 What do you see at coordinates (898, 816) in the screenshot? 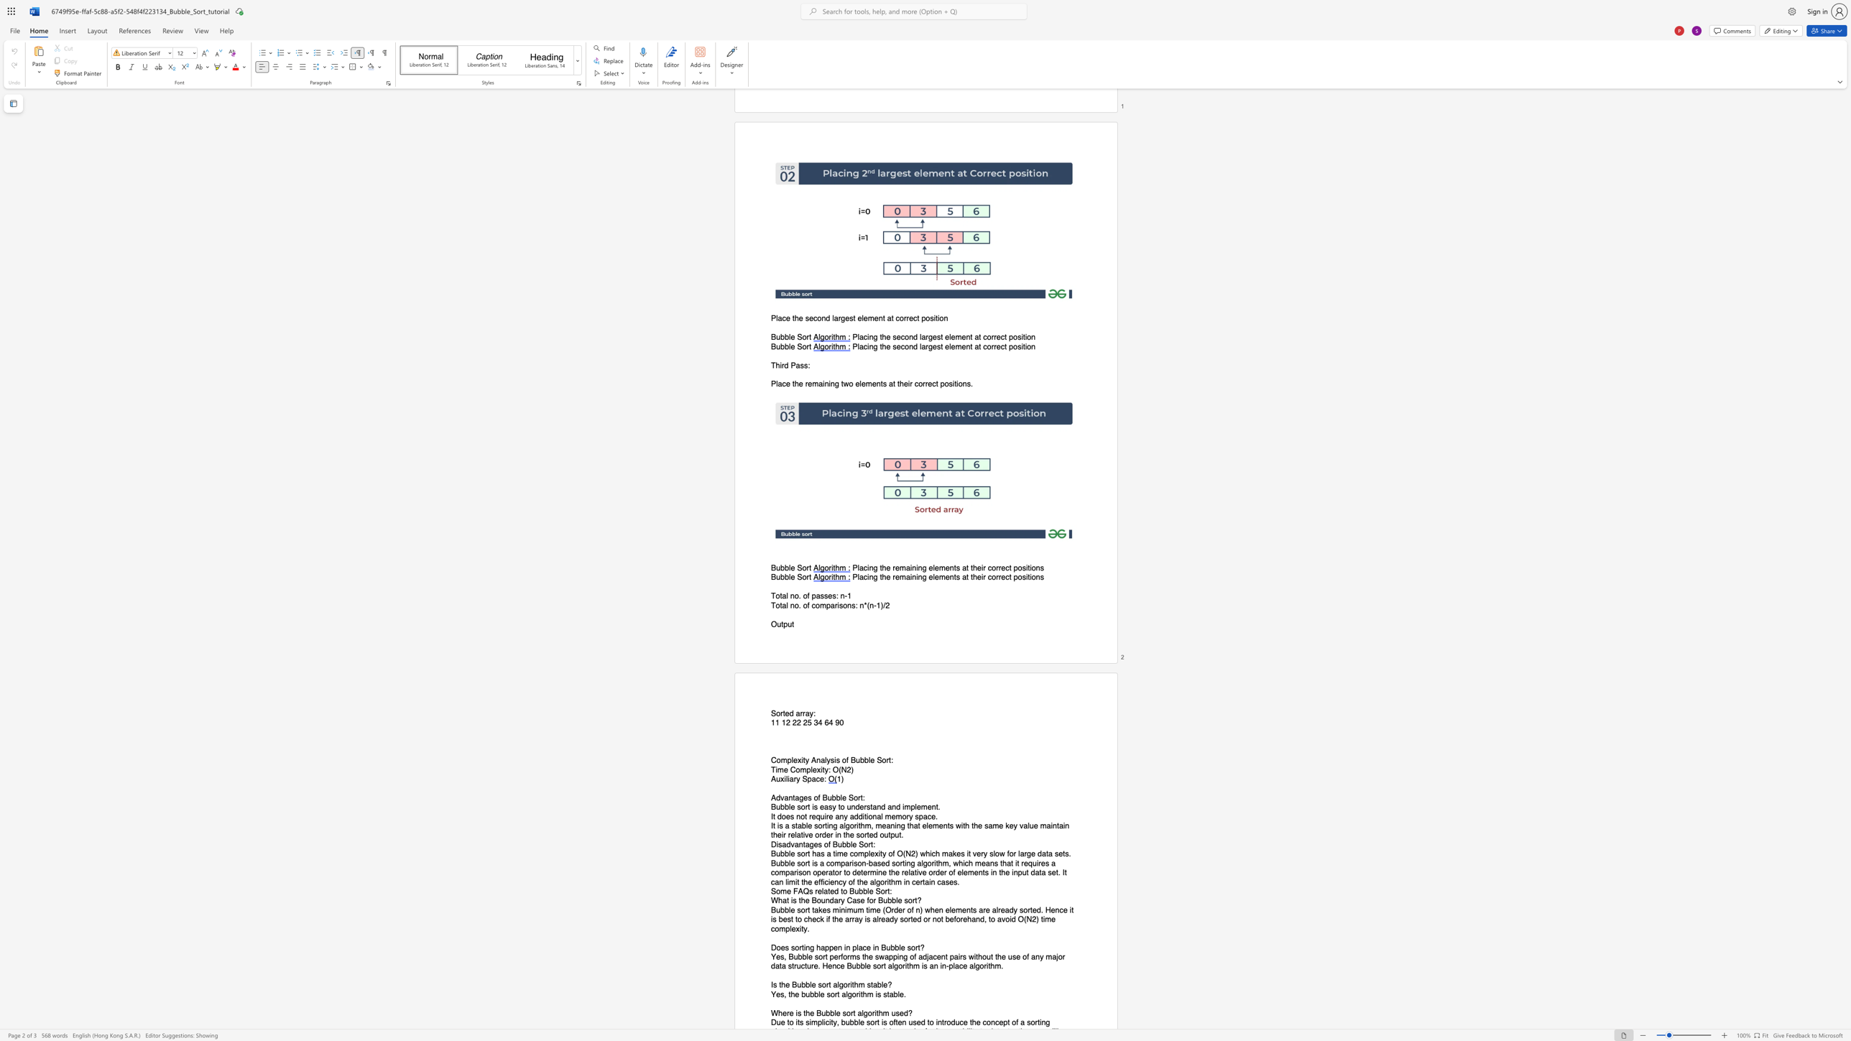
I see `the 2th character "m" in the text` at bounding box center [898, 816].